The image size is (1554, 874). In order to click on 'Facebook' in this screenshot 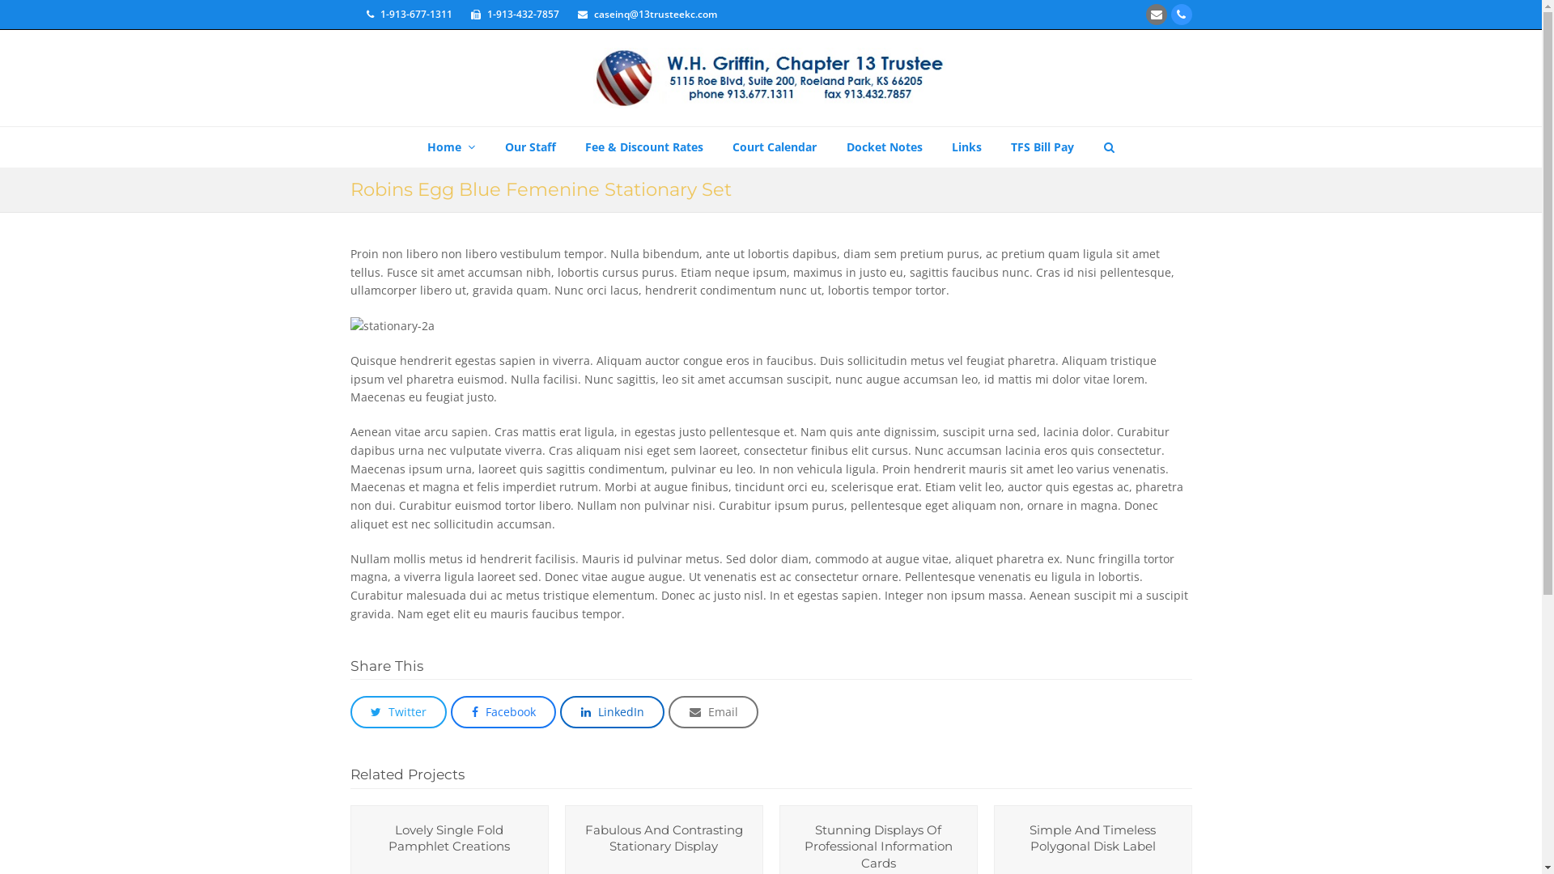, I will do `click(503, 711)`.